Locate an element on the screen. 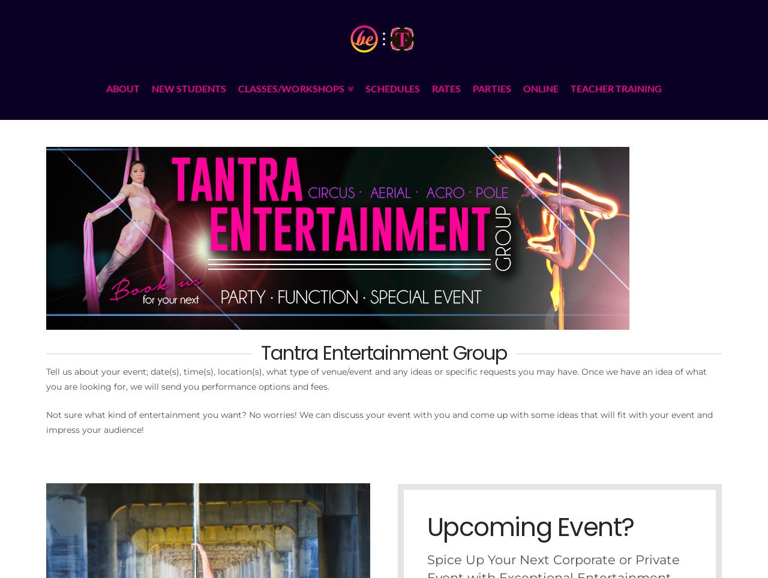 The image size is (768, 578). 'Tell us about your event; date(s), time(s), location(s), what type of venue/event and any ideas or specific requests you may have. Once we have an idea of what you are looking for, we will send you performance options and fees.' is located at coordinates (375, 379).